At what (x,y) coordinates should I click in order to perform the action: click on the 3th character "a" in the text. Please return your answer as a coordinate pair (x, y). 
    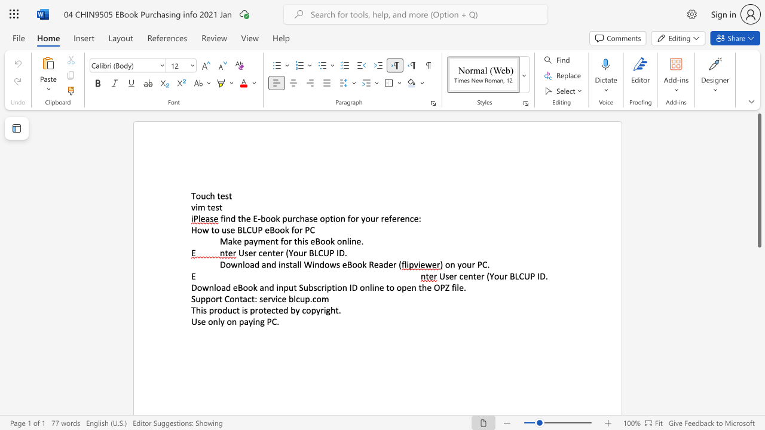
    Looking at the image, I should click on (295, 264).